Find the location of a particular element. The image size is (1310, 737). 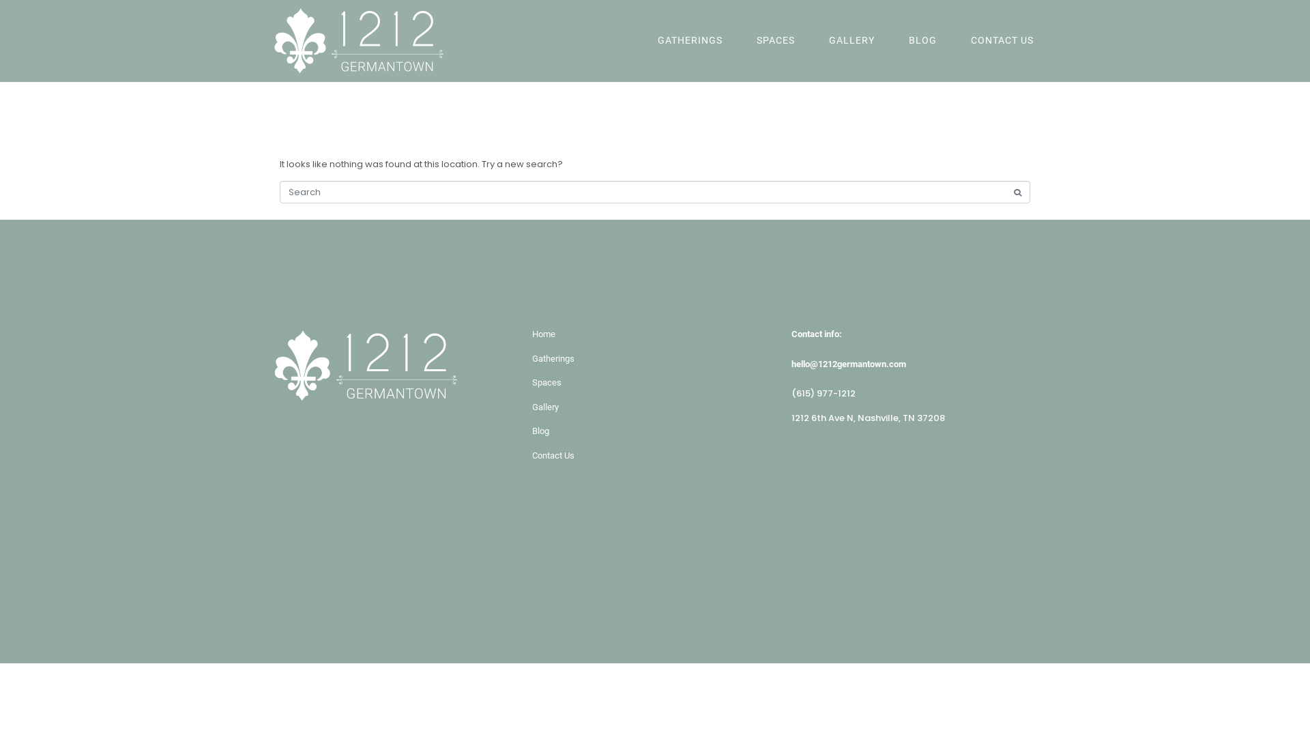

'Gatherings' is located at coordinates (531, 358).